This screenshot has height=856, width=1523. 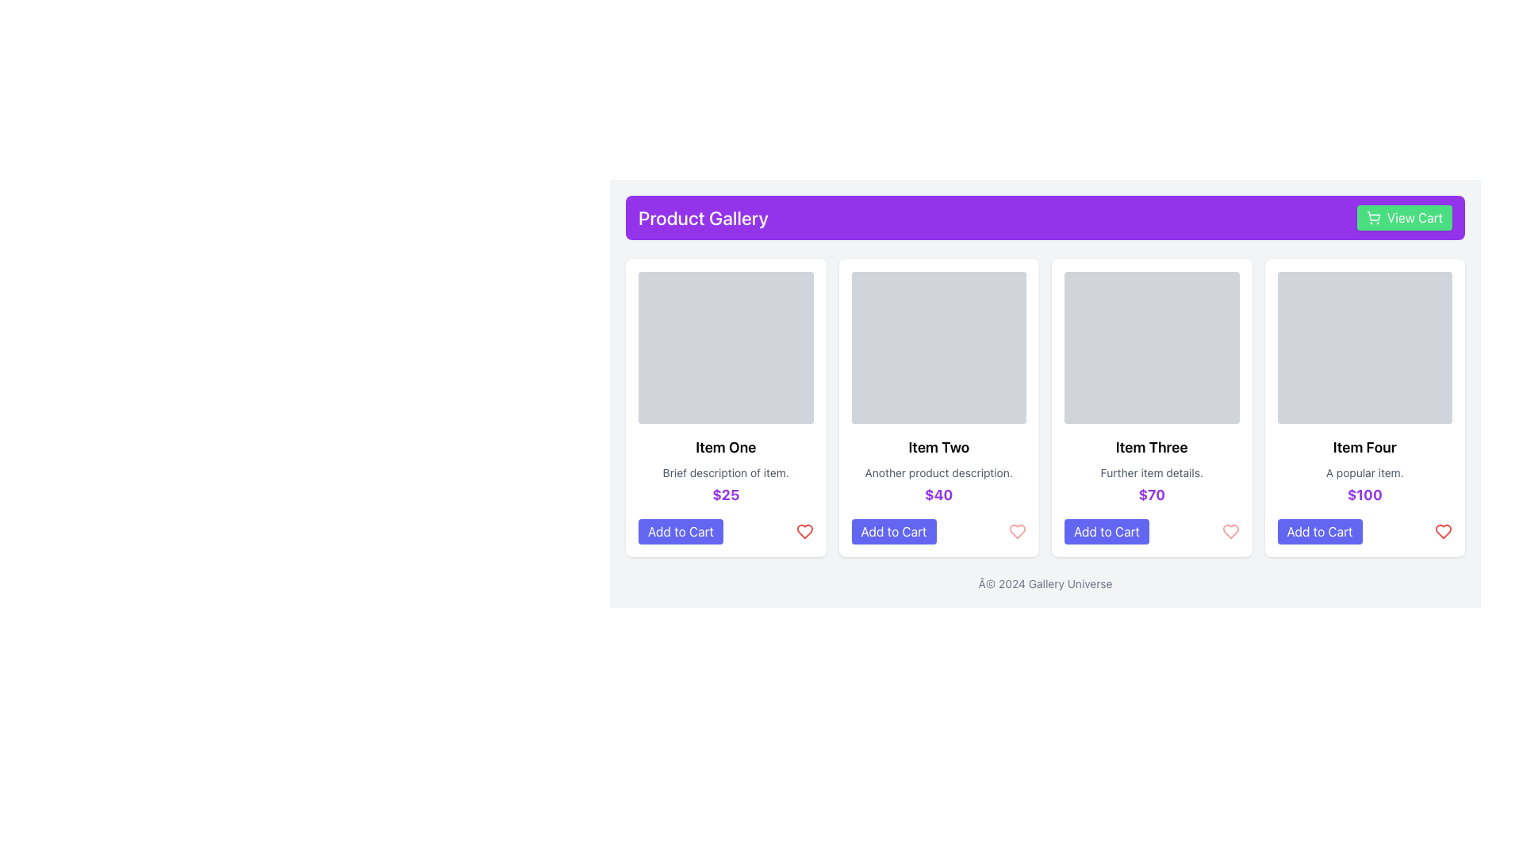 I want to click on the red heart icon located at the bottom-right corner of the product card labeled 'Item Four', so click(x=1443, y=532).